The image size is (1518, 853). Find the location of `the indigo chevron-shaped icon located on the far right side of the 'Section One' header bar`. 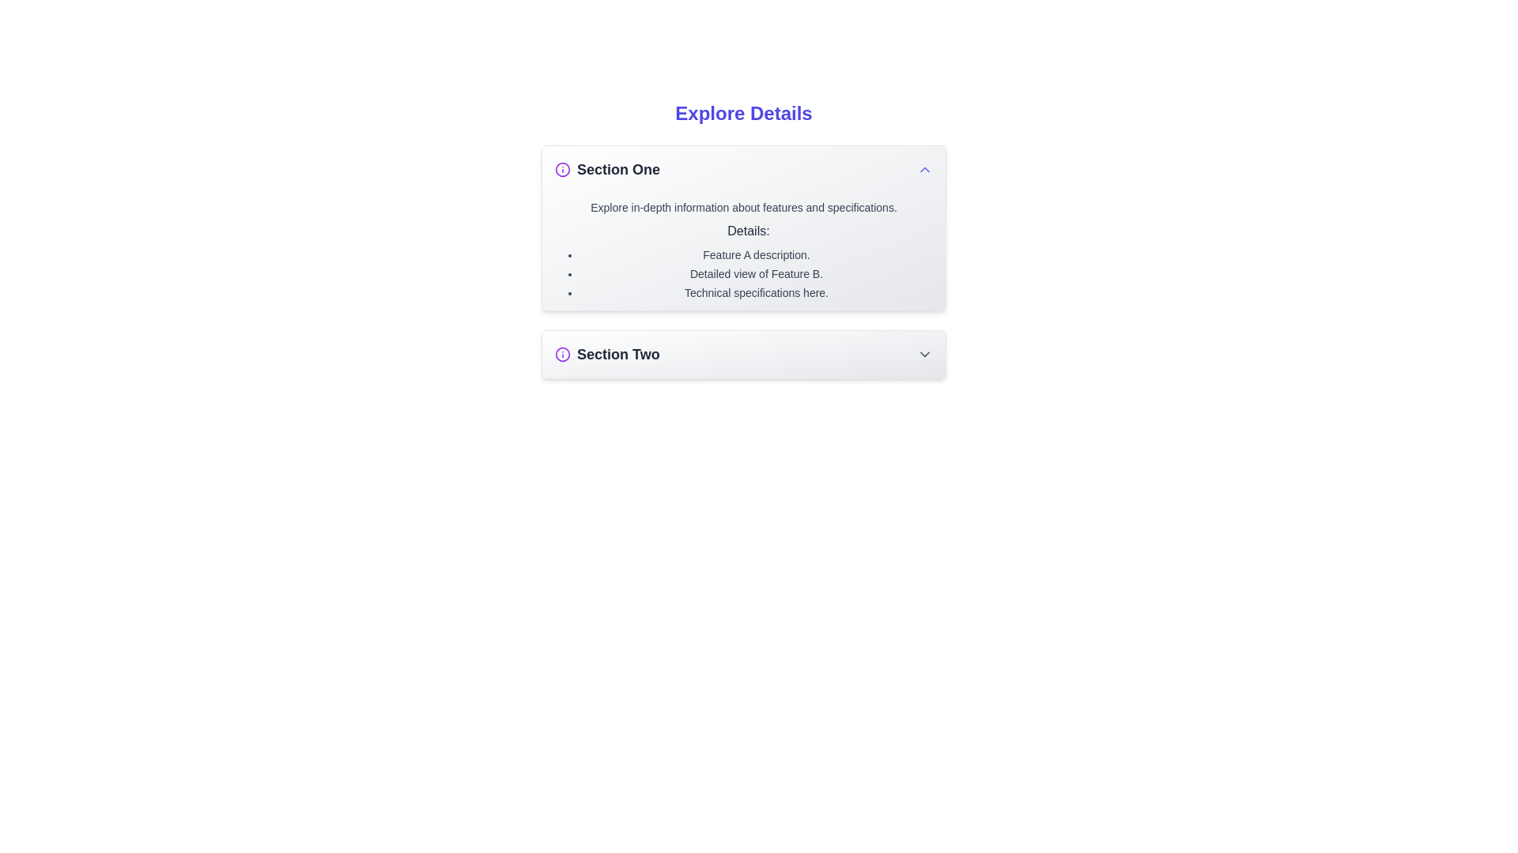

the indigo chevron-shaped icon located on the far right side of the 'Section One' header bar is located at coordinates (925, 170).